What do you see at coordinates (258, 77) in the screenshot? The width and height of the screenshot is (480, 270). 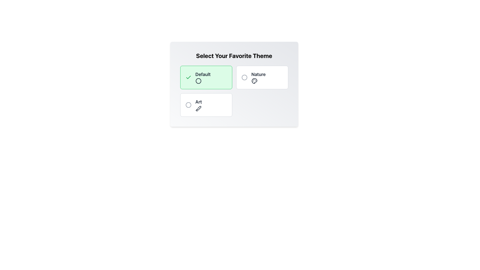 I see `the 'Nature' theme option, which is the second selectable text and icon combination in the theme choices, located in the middle-right section of the selection interface` at bounding box center [258, 77].